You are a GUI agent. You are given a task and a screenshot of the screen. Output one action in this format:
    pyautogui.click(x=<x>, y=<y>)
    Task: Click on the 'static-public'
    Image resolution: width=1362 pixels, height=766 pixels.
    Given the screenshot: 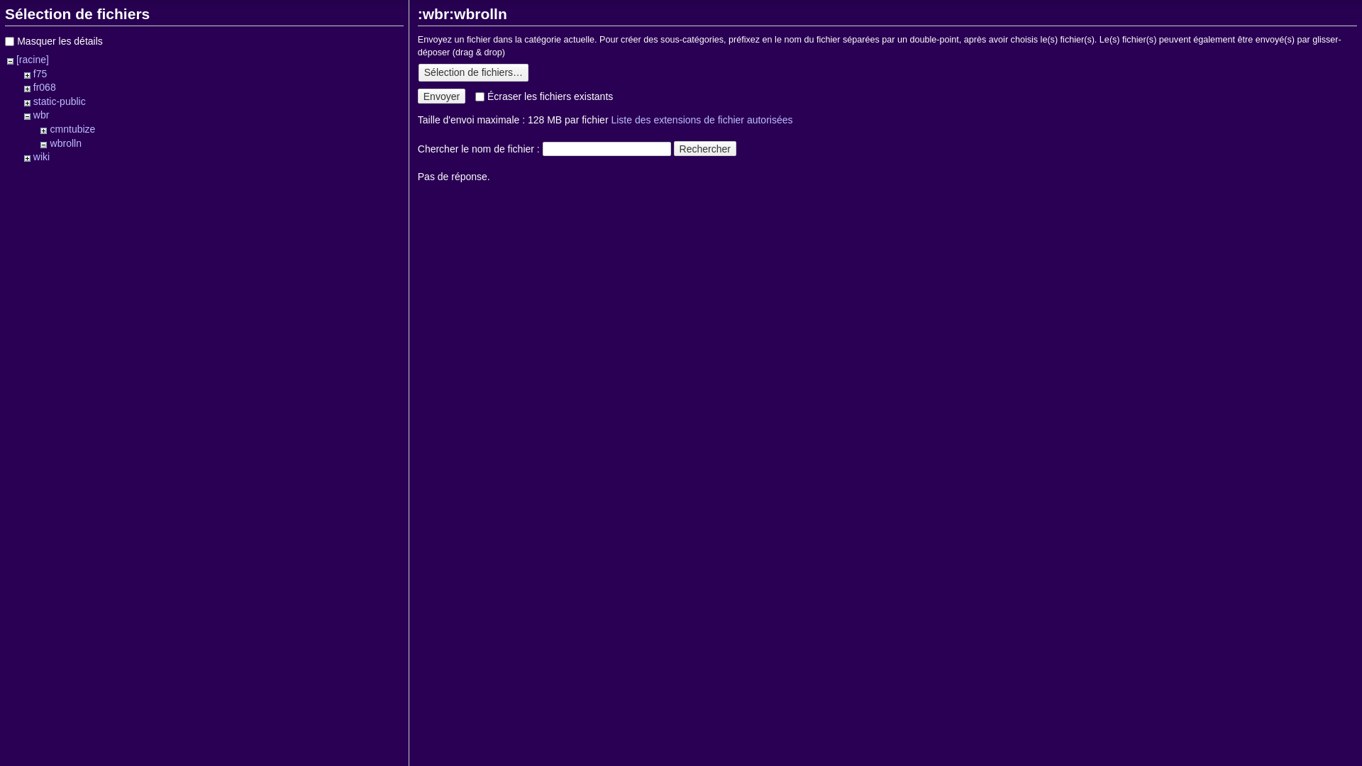 What is the action you would take?
    pyautogui.click(x=33, y=100)
    